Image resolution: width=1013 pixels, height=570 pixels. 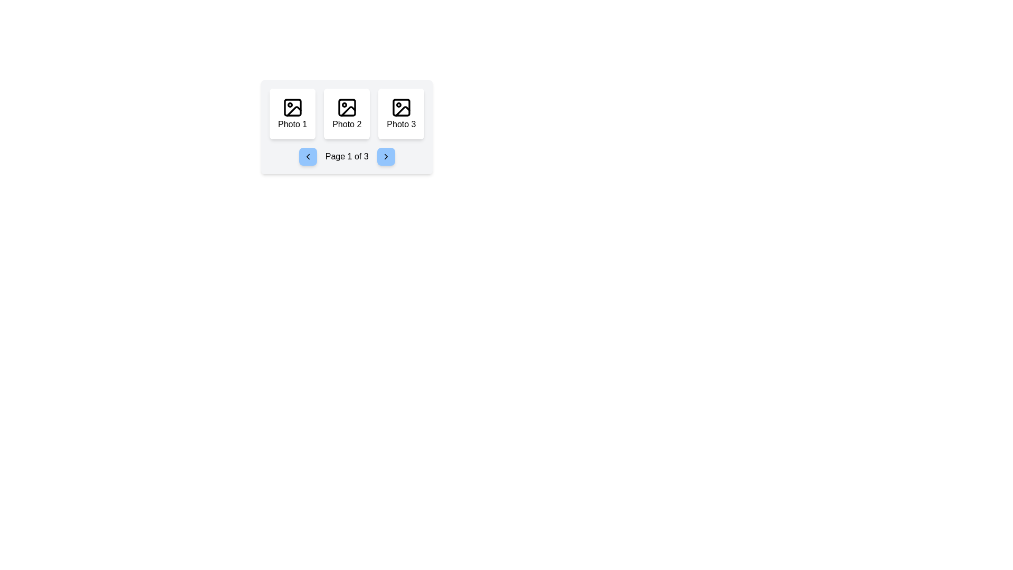 I want to click on the Text Display element that shows the current page number and total pages, located below the photo grid and between the arrow buttons, so click(x=347, y=157).